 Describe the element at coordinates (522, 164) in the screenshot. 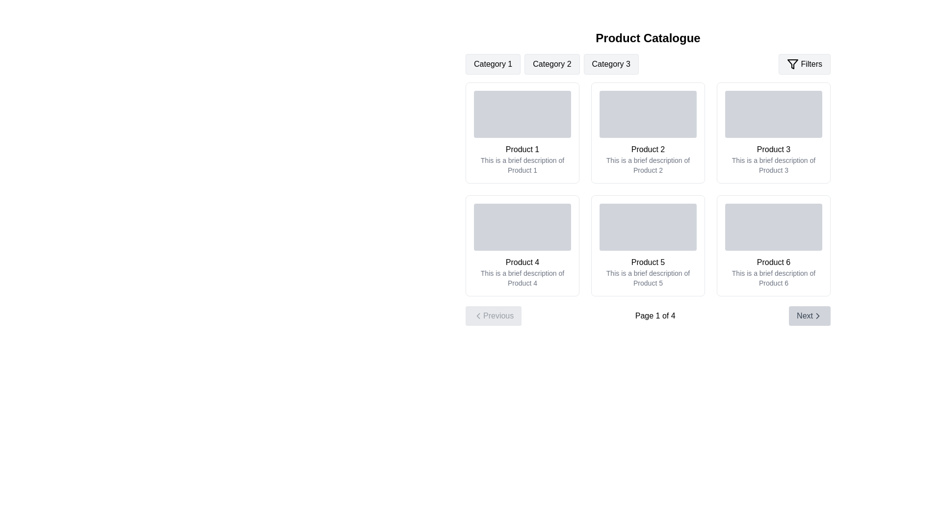

I see `text from the Text Label displaying 'This is a brief description of Product 1', which is located beneath the title 'Product 1' within the card for Product 1` at that location.